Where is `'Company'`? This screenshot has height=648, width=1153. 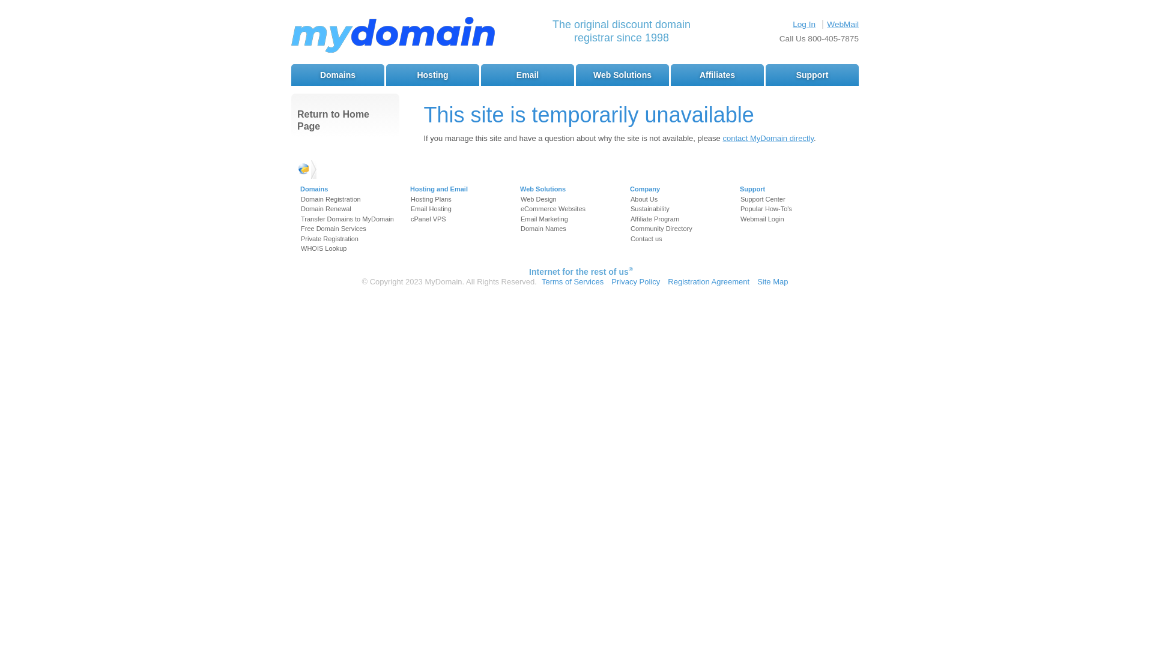
'Company' is located at coordinates (644, 189).